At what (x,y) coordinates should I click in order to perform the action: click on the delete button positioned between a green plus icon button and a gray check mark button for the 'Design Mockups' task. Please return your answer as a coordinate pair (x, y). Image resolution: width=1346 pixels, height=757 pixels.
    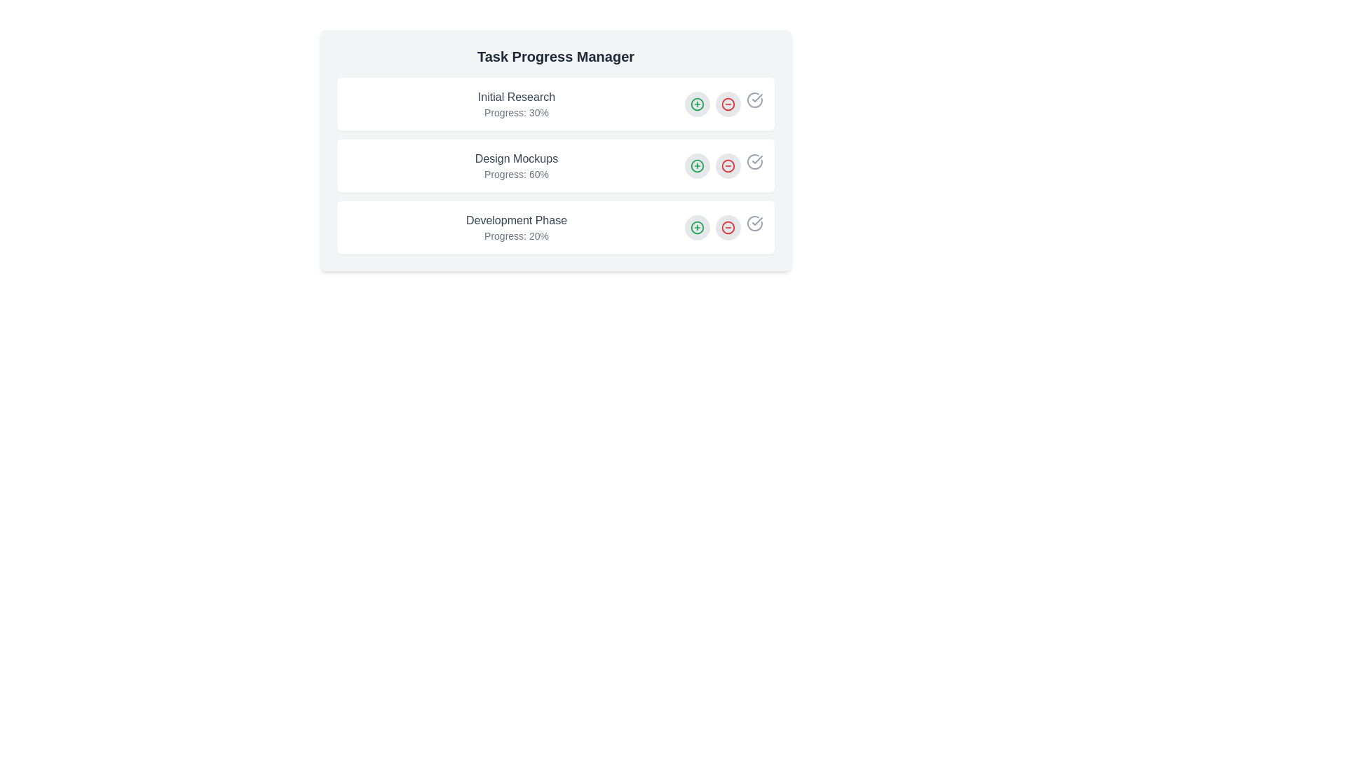
    Looking at the image, I should click on (728, 165).